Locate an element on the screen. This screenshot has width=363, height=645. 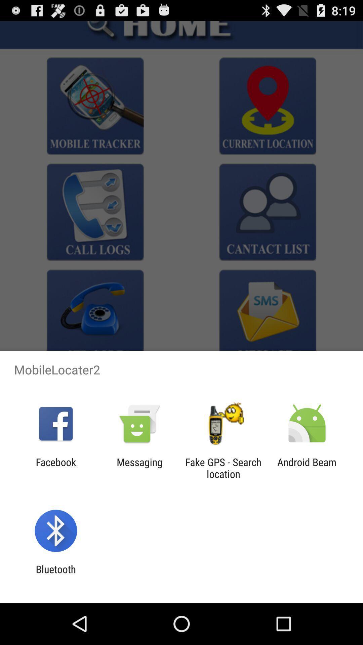
messaging app is located at coordinates (139, 468).